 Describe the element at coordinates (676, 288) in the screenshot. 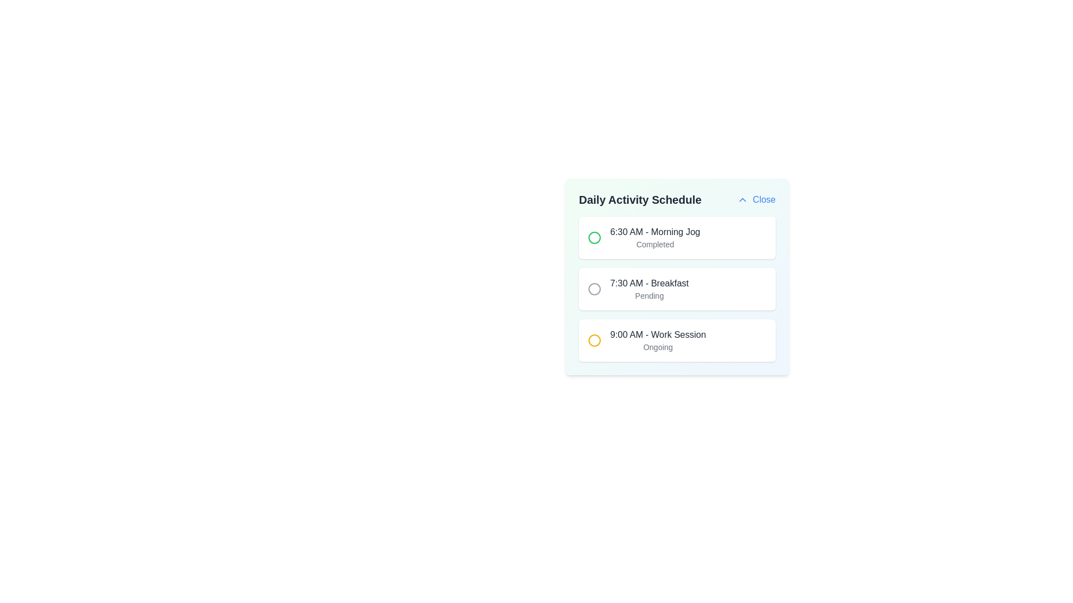

I see `the text of the second Activity card in the Daily Activity Schedule` at that location.